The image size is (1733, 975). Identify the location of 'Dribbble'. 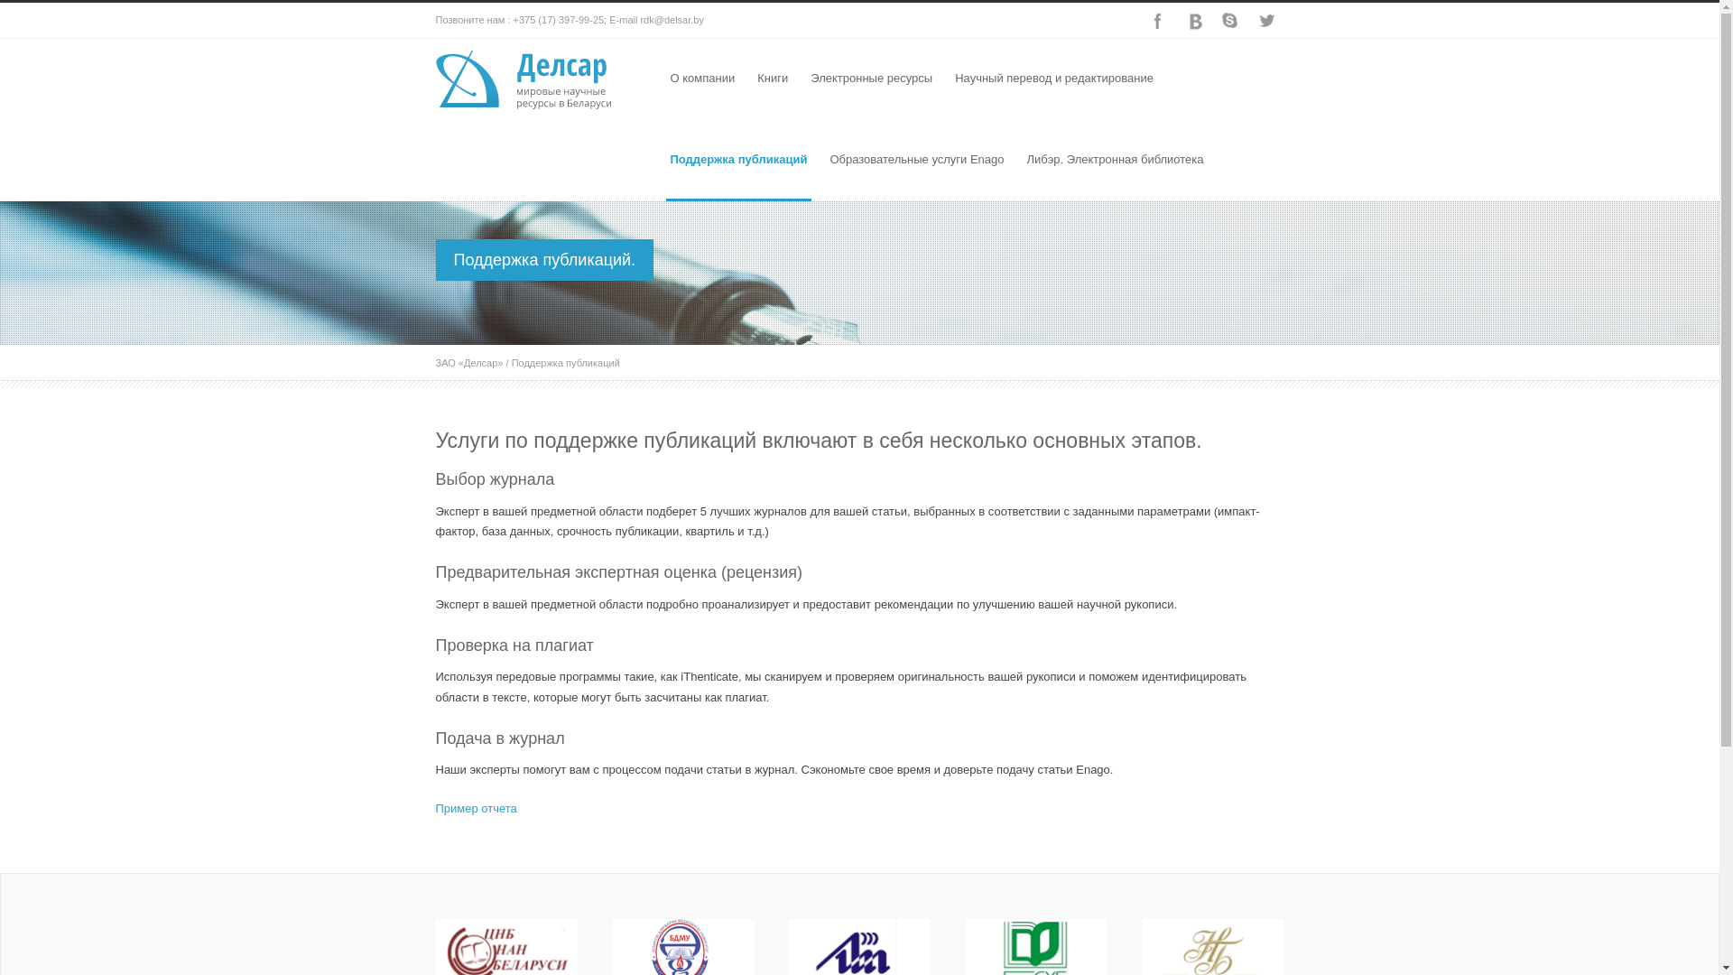
(1192, 21).